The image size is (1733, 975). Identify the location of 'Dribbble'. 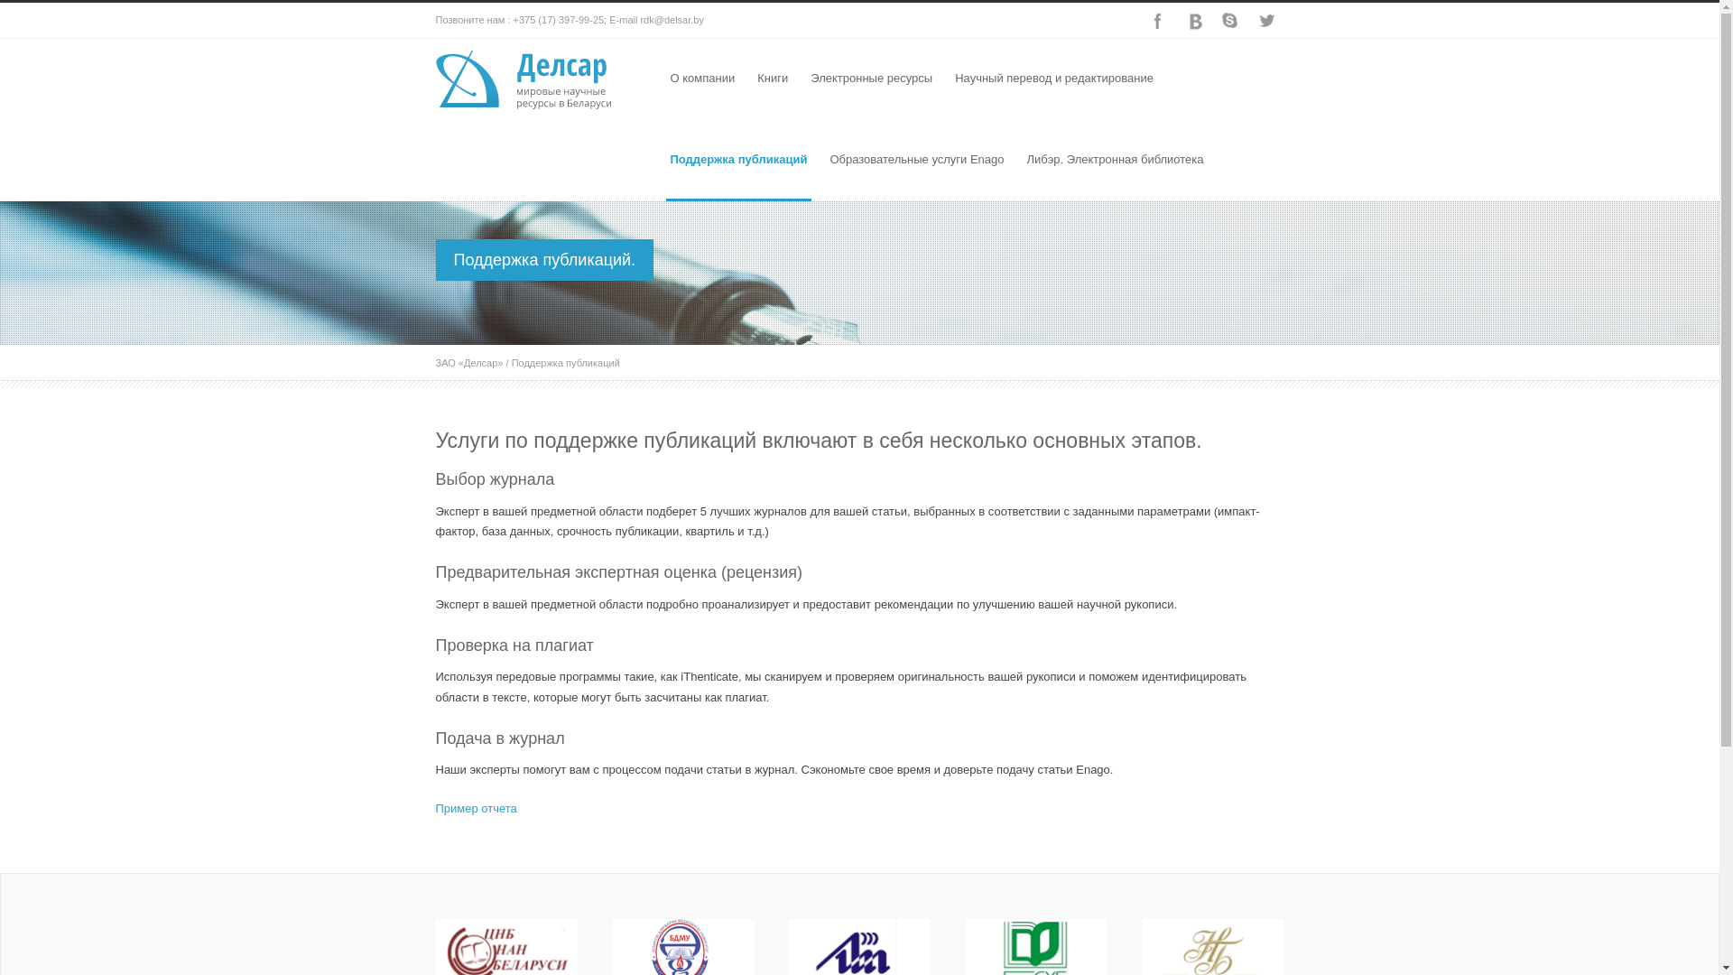
(1192, 21).